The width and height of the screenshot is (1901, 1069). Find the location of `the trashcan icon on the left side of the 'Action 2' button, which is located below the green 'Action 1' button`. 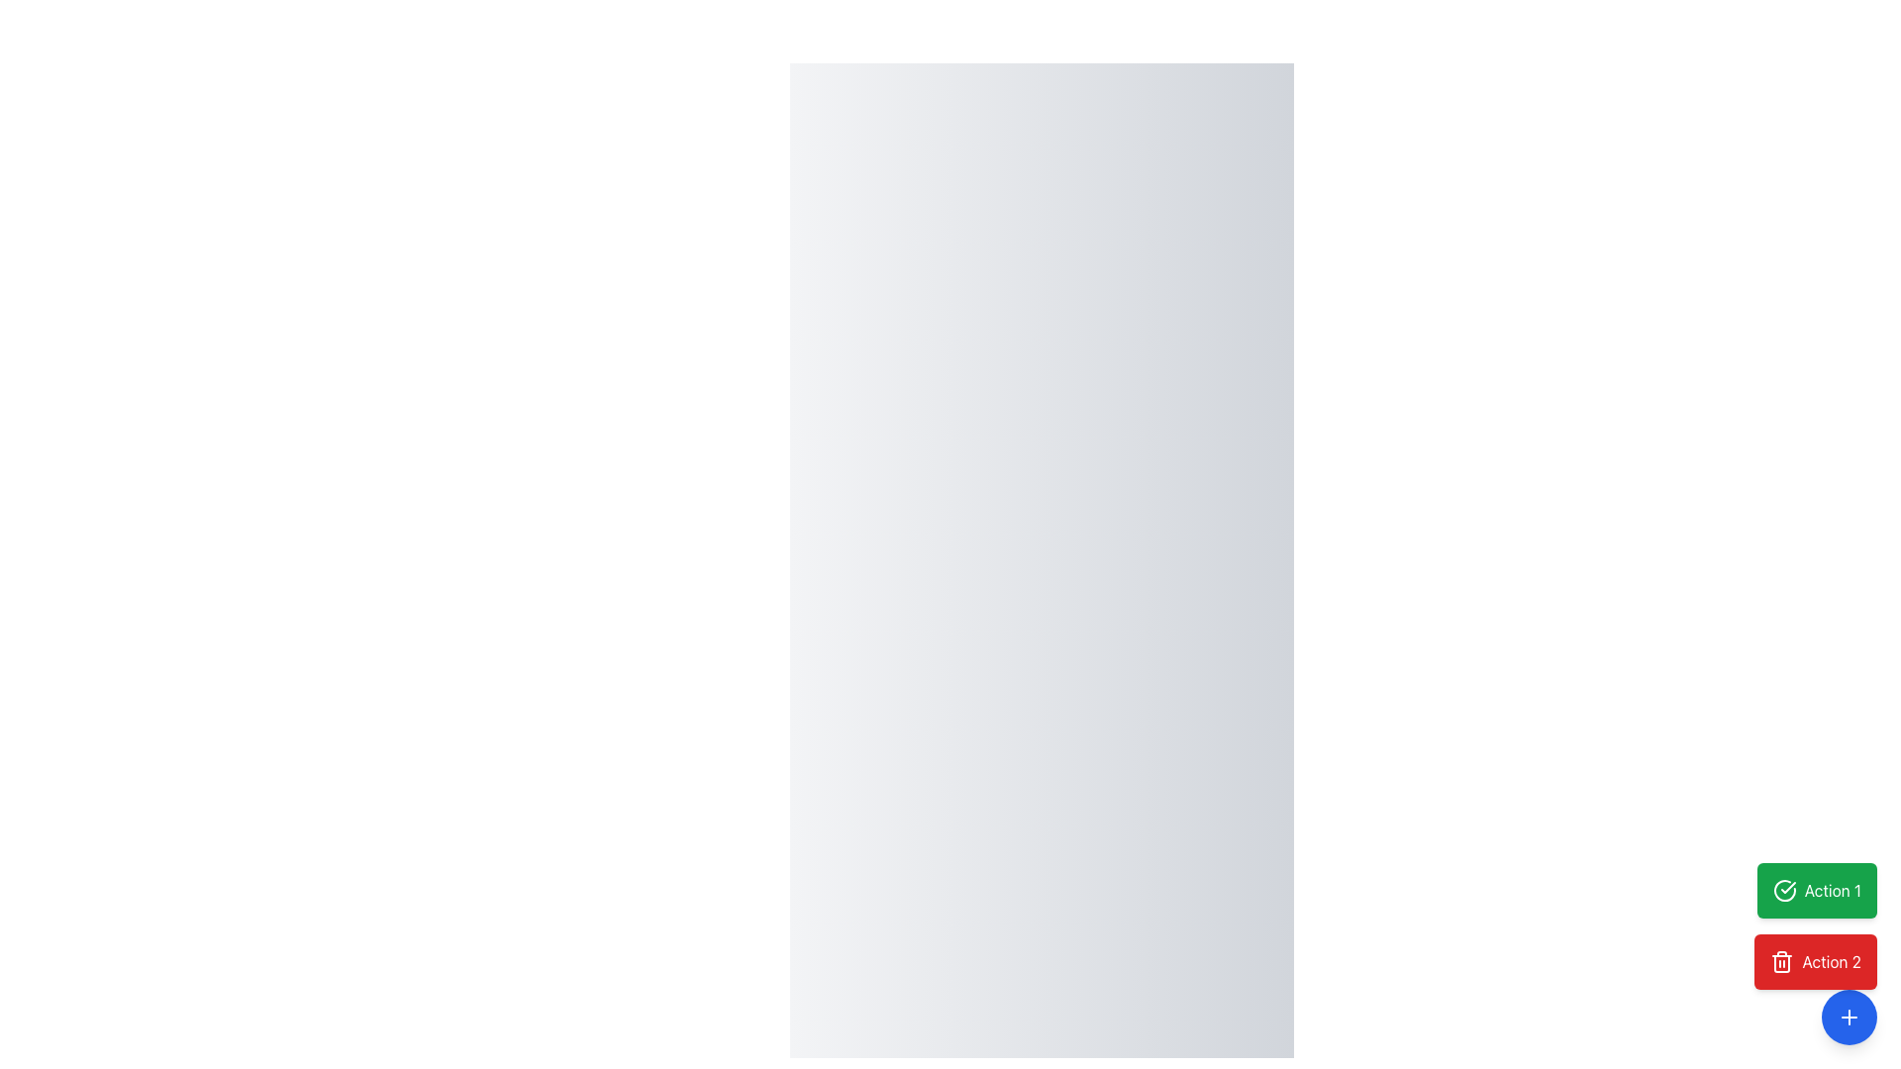

the trashcan icon on the left side of the 'Action 2' button, which is located below the green 'Action 1' button is located at coordinates (1782, 961).